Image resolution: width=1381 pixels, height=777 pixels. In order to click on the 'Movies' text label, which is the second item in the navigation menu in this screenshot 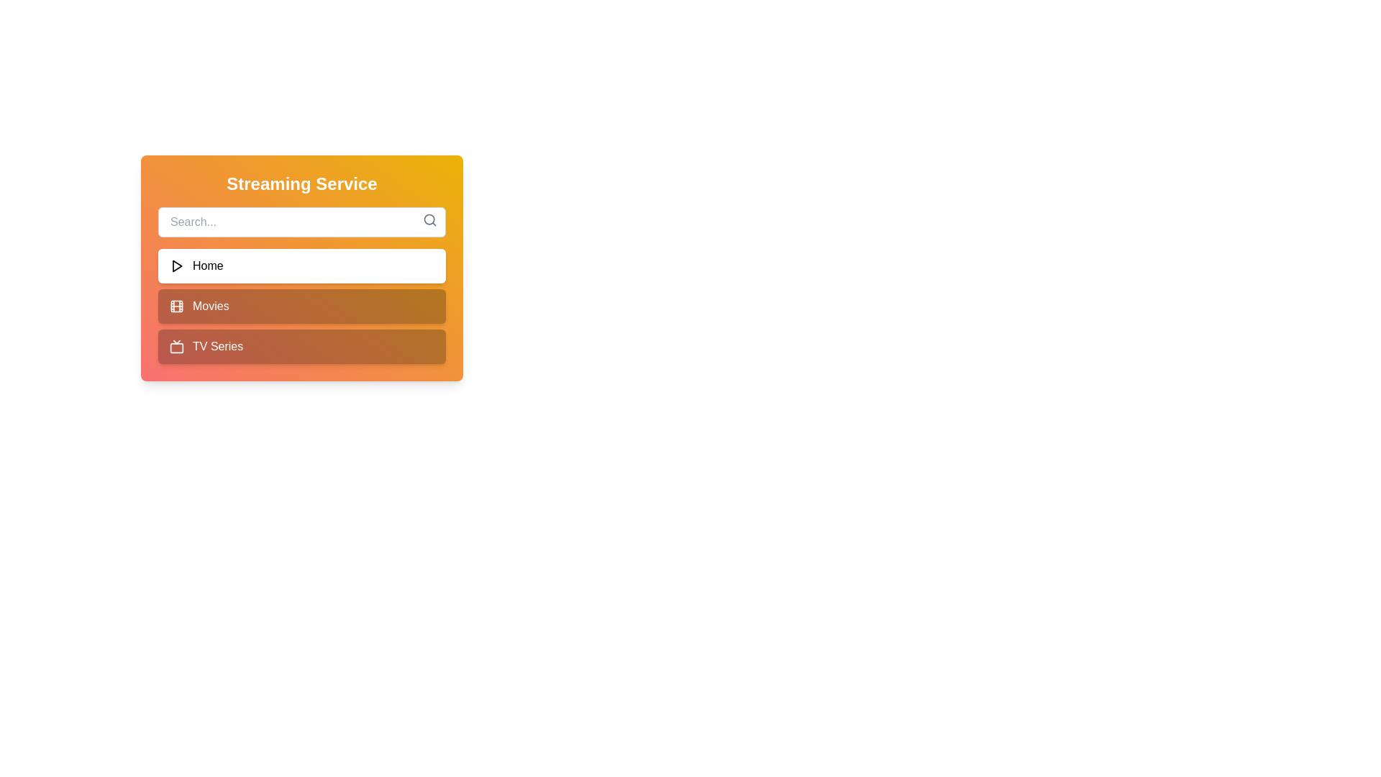, I will do `click(210, 305)`.